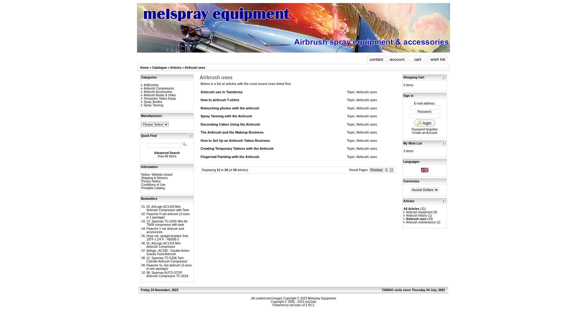  I want to click on 'Airbrush Compressors', so click(157, 88).